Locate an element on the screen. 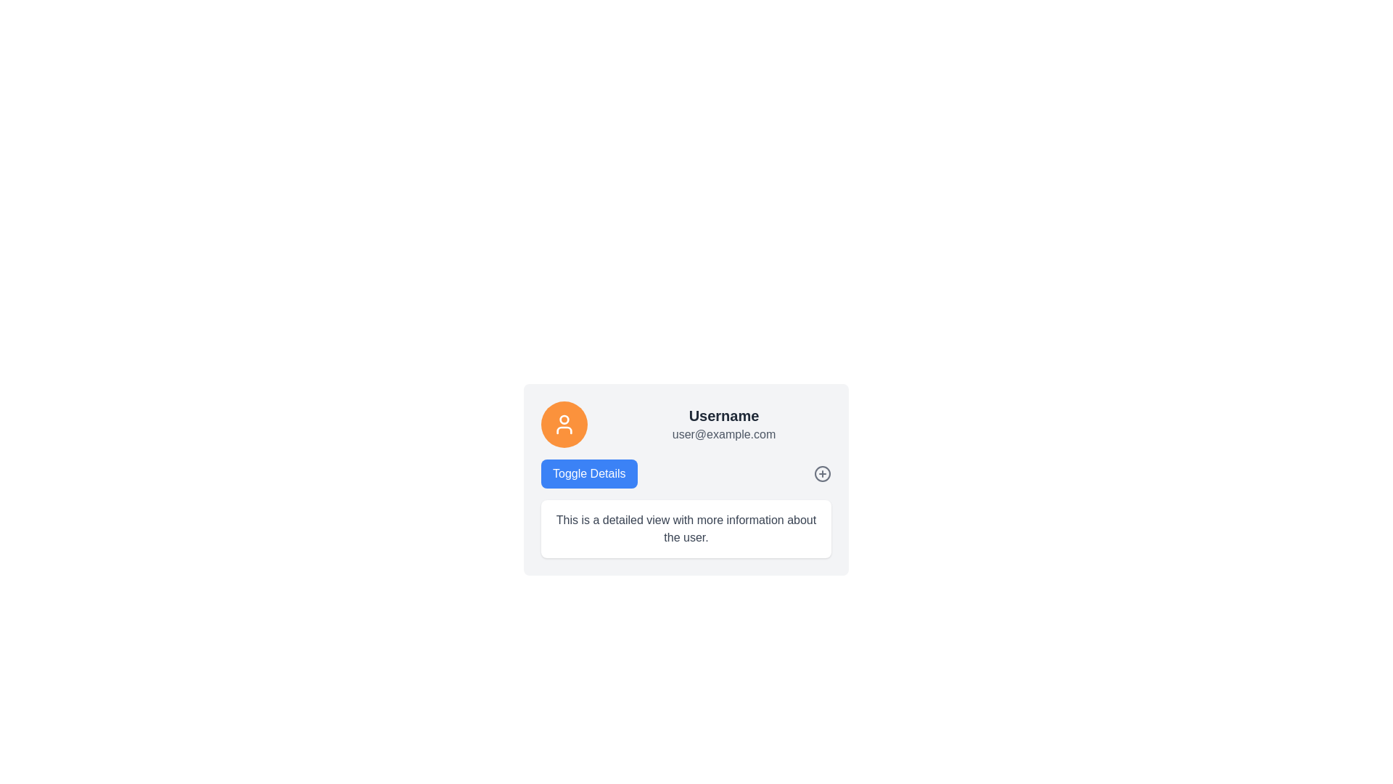 The width and height of the screenshot is (1393, 784). the rounded rectangular button with a blue background and white text displaying 'Toggle Details' is located at coordinates (589, 473).